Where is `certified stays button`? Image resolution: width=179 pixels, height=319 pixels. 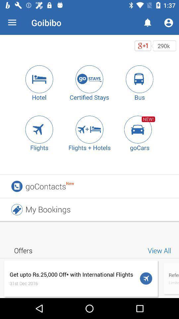 certified stays button is located at coordinates (89, 79).